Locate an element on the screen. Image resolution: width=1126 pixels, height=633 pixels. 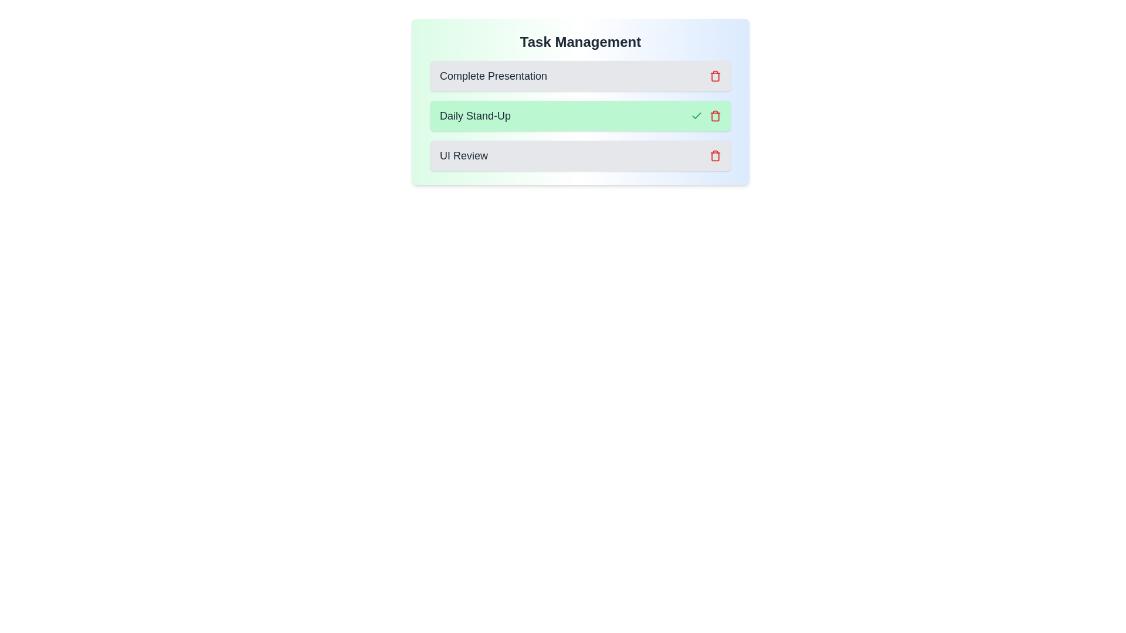
the icon associated with the task Daily Stand-Up is located at coordinates (714, 115).